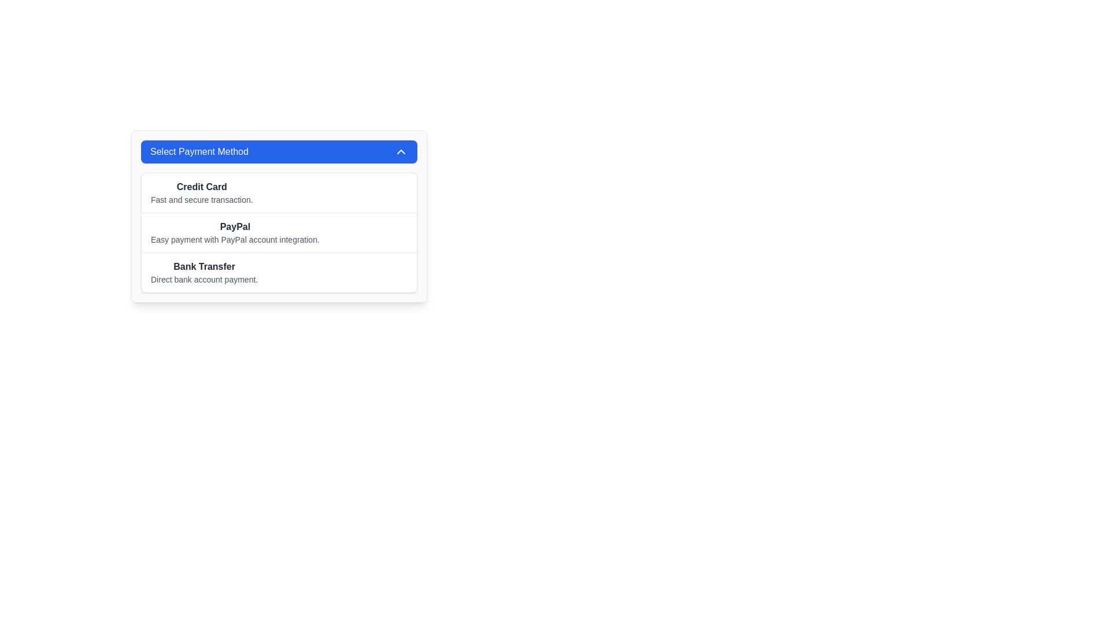  Describe the element at coordinates (234, 239) in the screenshot. I see `the text element displaying 'Easy payment with PayPal account integration.' located below the 'PayPal' label in the payment method selection interface` at that location.